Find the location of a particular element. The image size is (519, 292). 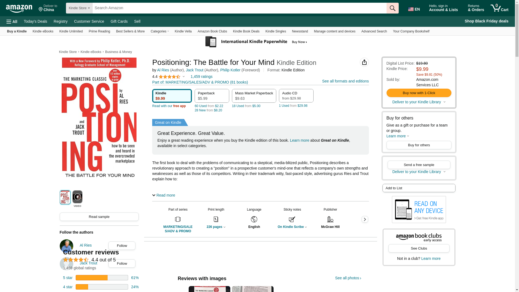

'Advanced Search' is located at coordinates (374, 31).